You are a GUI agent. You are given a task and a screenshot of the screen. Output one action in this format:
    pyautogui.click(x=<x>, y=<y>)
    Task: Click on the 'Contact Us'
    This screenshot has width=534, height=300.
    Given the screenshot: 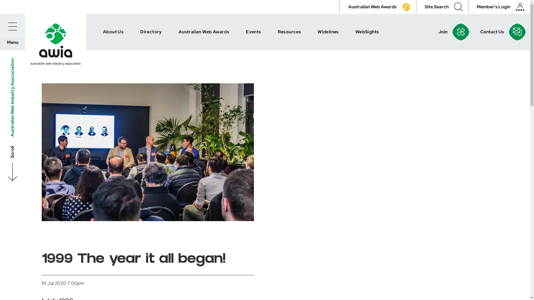 What is the action you would take?
    pyautogui.click(x=477, y=32)
    